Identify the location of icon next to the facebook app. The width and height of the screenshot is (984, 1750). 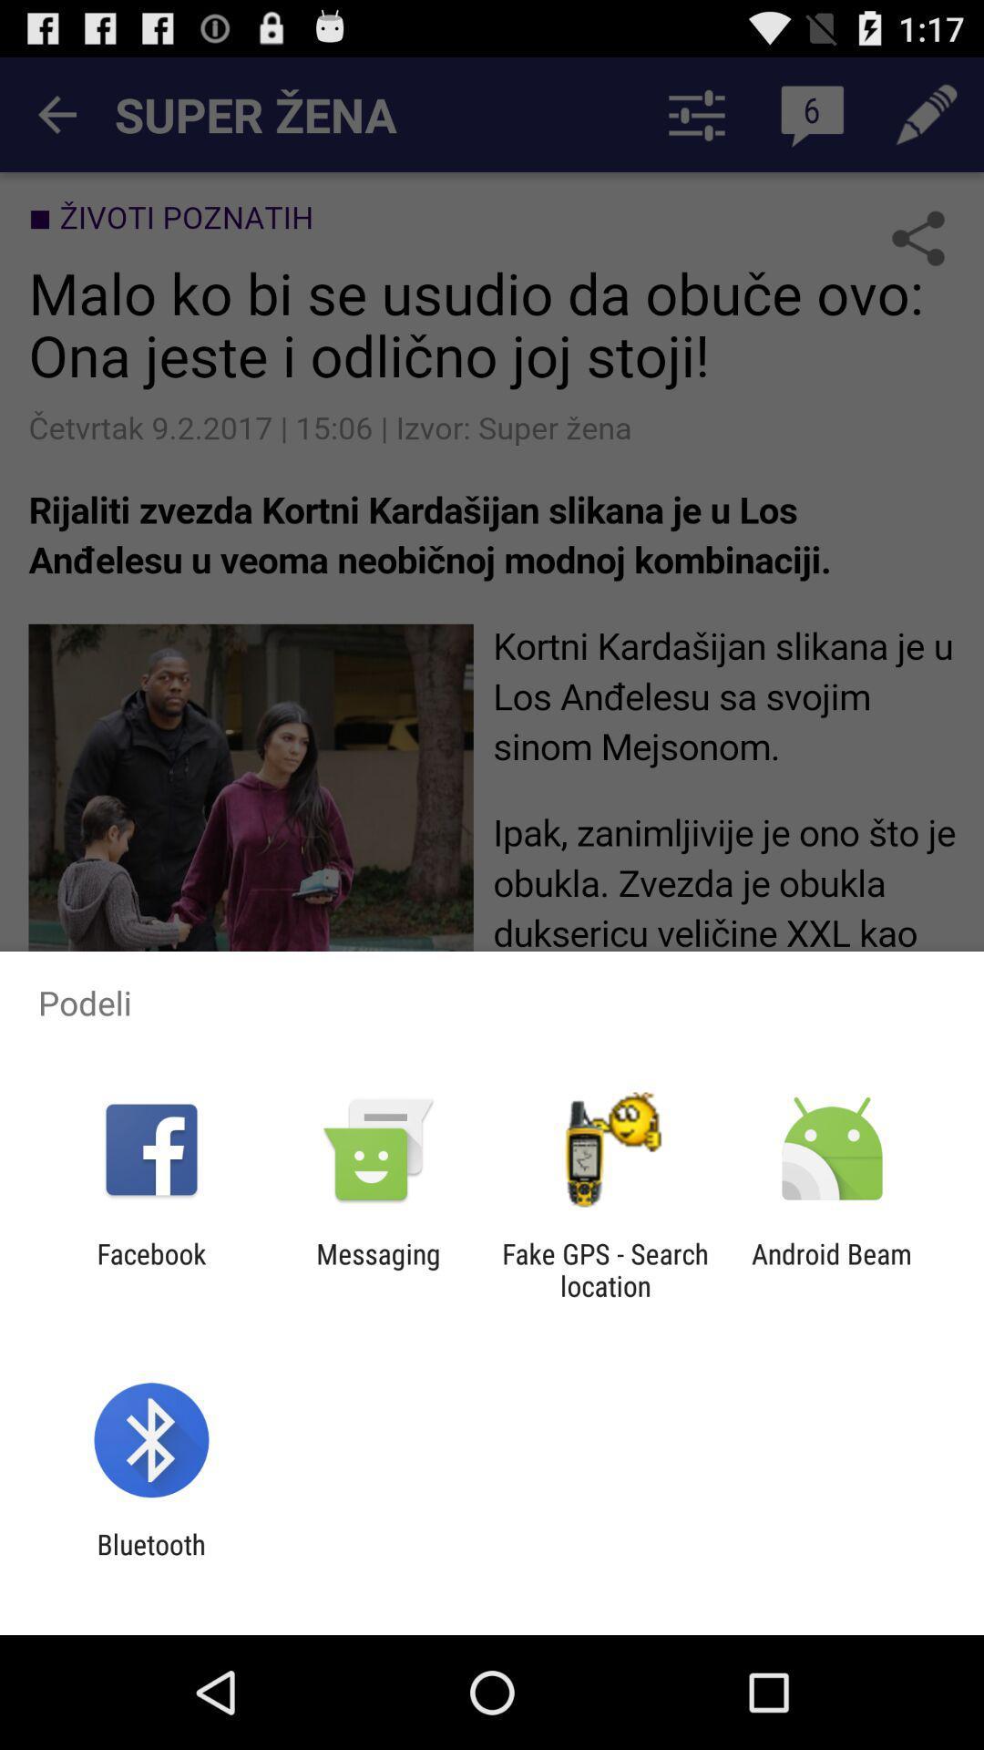
(377, 1269).